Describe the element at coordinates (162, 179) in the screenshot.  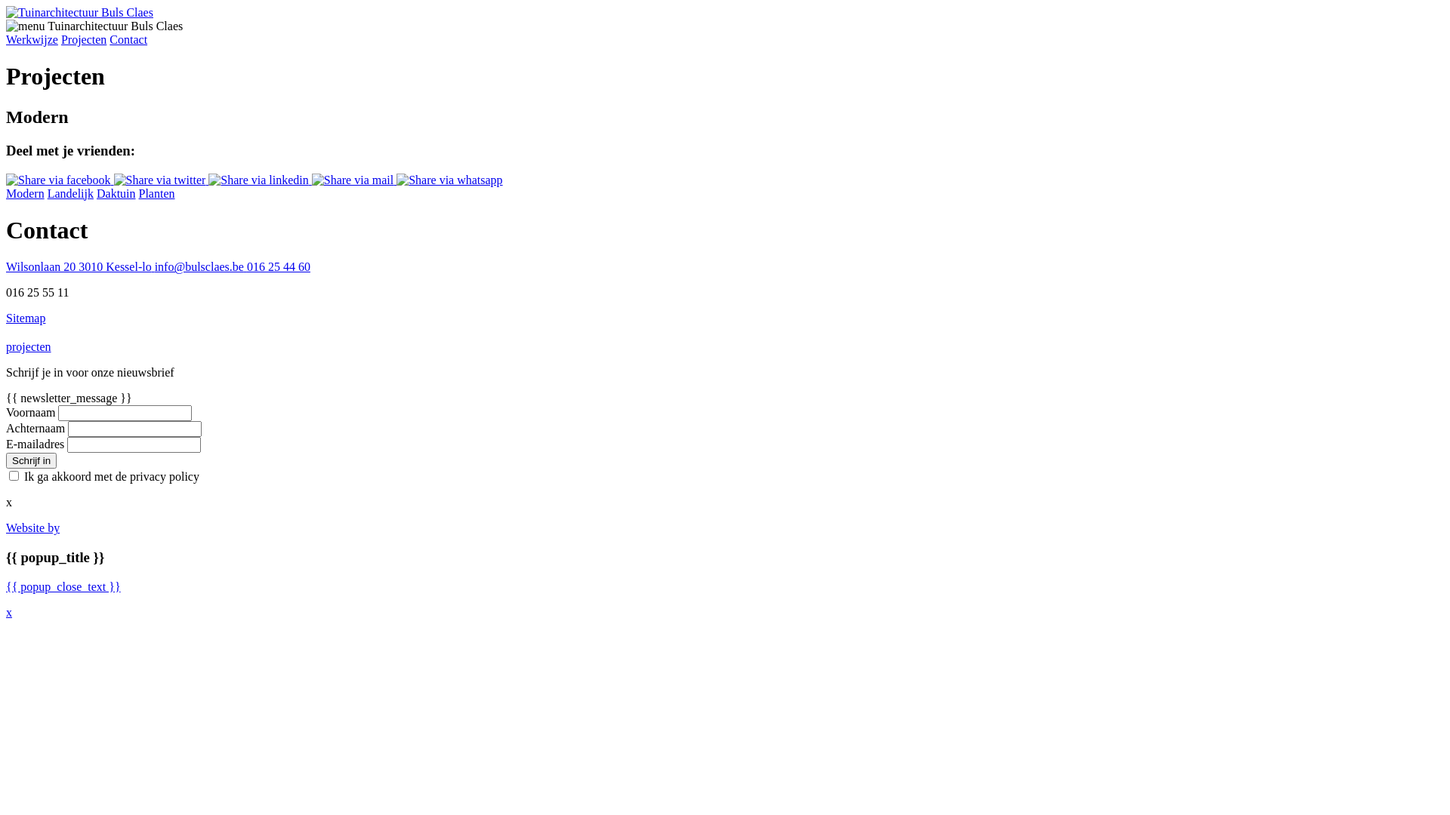
I see `'Share via twitter'` at that location.